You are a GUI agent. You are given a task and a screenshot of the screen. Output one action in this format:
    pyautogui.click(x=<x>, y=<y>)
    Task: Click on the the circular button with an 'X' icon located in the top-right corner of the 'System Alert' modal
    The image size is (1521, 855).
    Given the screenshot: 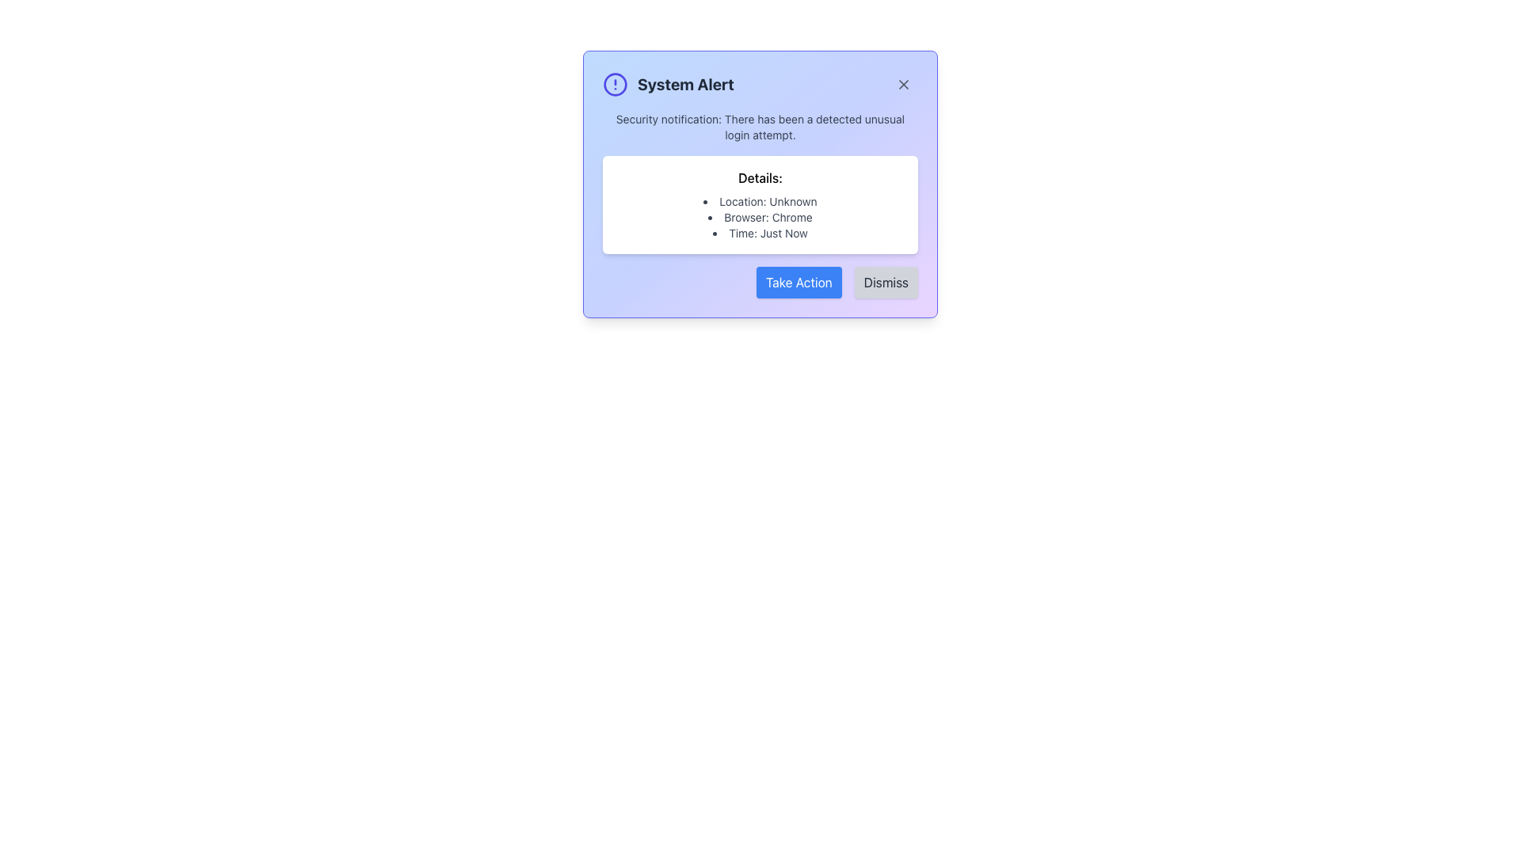 What is the action you would take?
    pyautogui.click(x=904, y=85)
    